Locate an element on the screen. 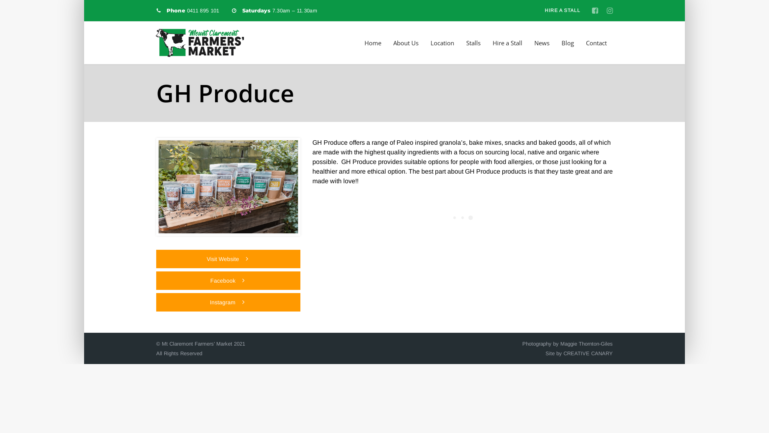  'CREATIVE CANARY' is located at coordinates (588, 353).